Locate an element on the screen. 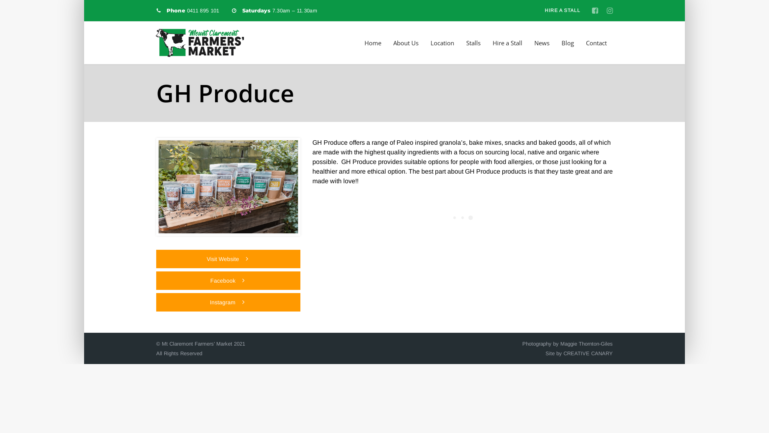  'CREATIVE CANARY' is located at coordinates (588, 353).